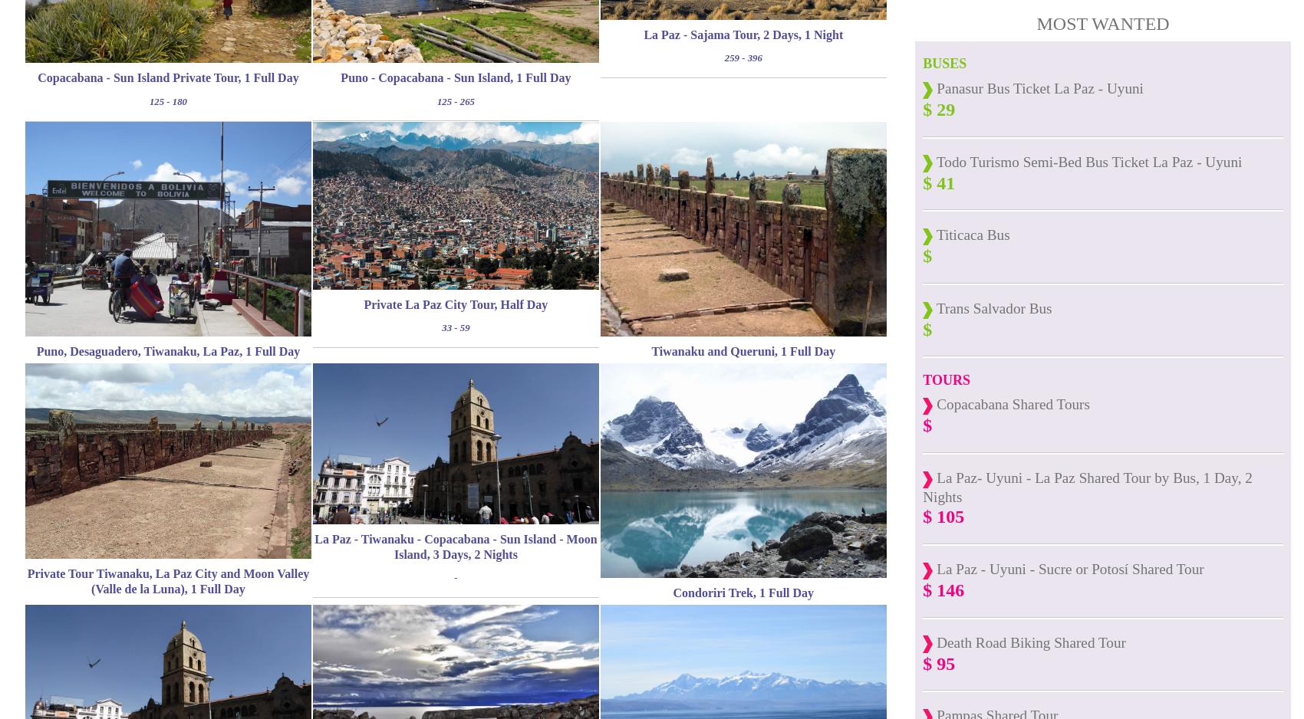 The width and height of the screenshot is (1304, 719). Describe the element at coordinates (921, 181) in the screenshot. I see `'$ 41'` at that location.